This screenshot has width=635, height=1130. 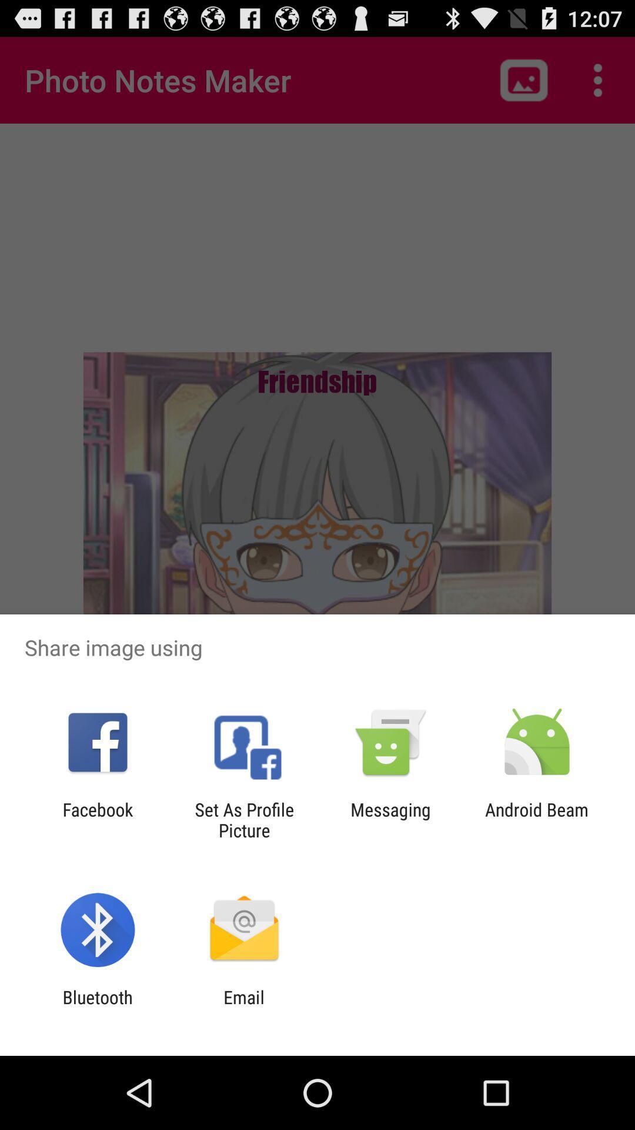 What do you see at coordinates (390, 819) in the screenshot?
I see `the icon next to set as profile` at bounding box center [390, 819].